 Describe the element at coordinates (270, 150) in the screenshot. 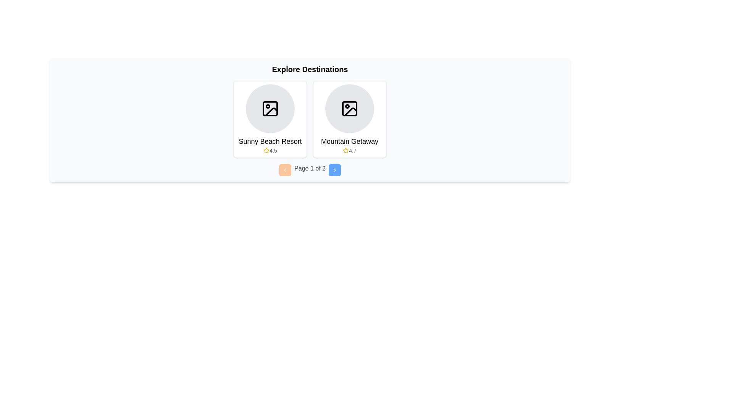

I see `the rating display element for 'Sunny Beach Resort', located at the bottom center of the left card, near the star icon` at that location.